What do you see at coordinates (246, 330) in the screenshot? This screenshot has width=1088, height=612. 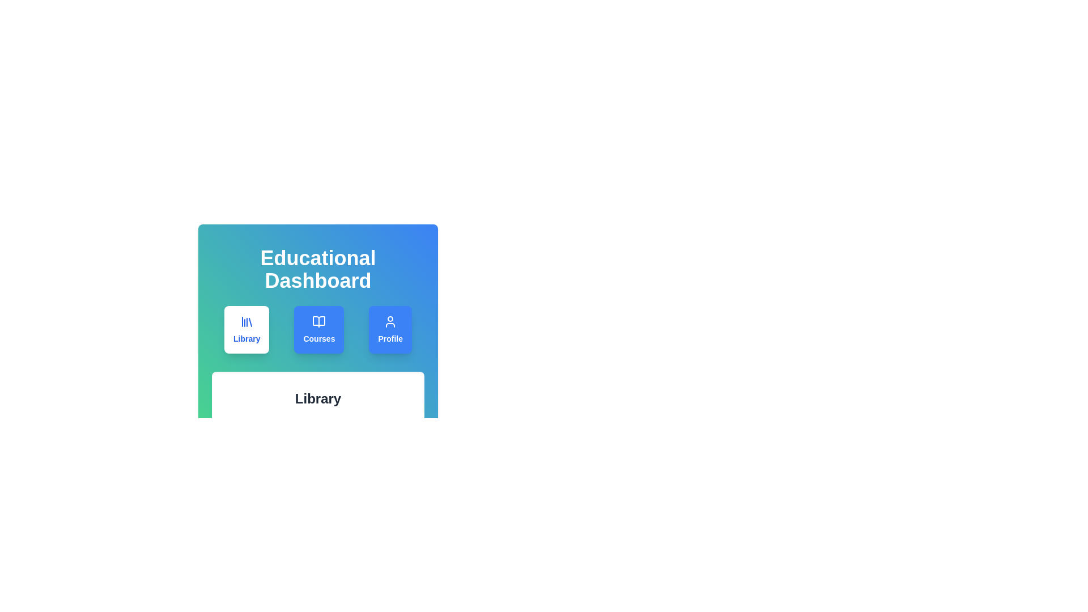 I see `the Library tab by clicking on its button` at bounding box center [246, 330].